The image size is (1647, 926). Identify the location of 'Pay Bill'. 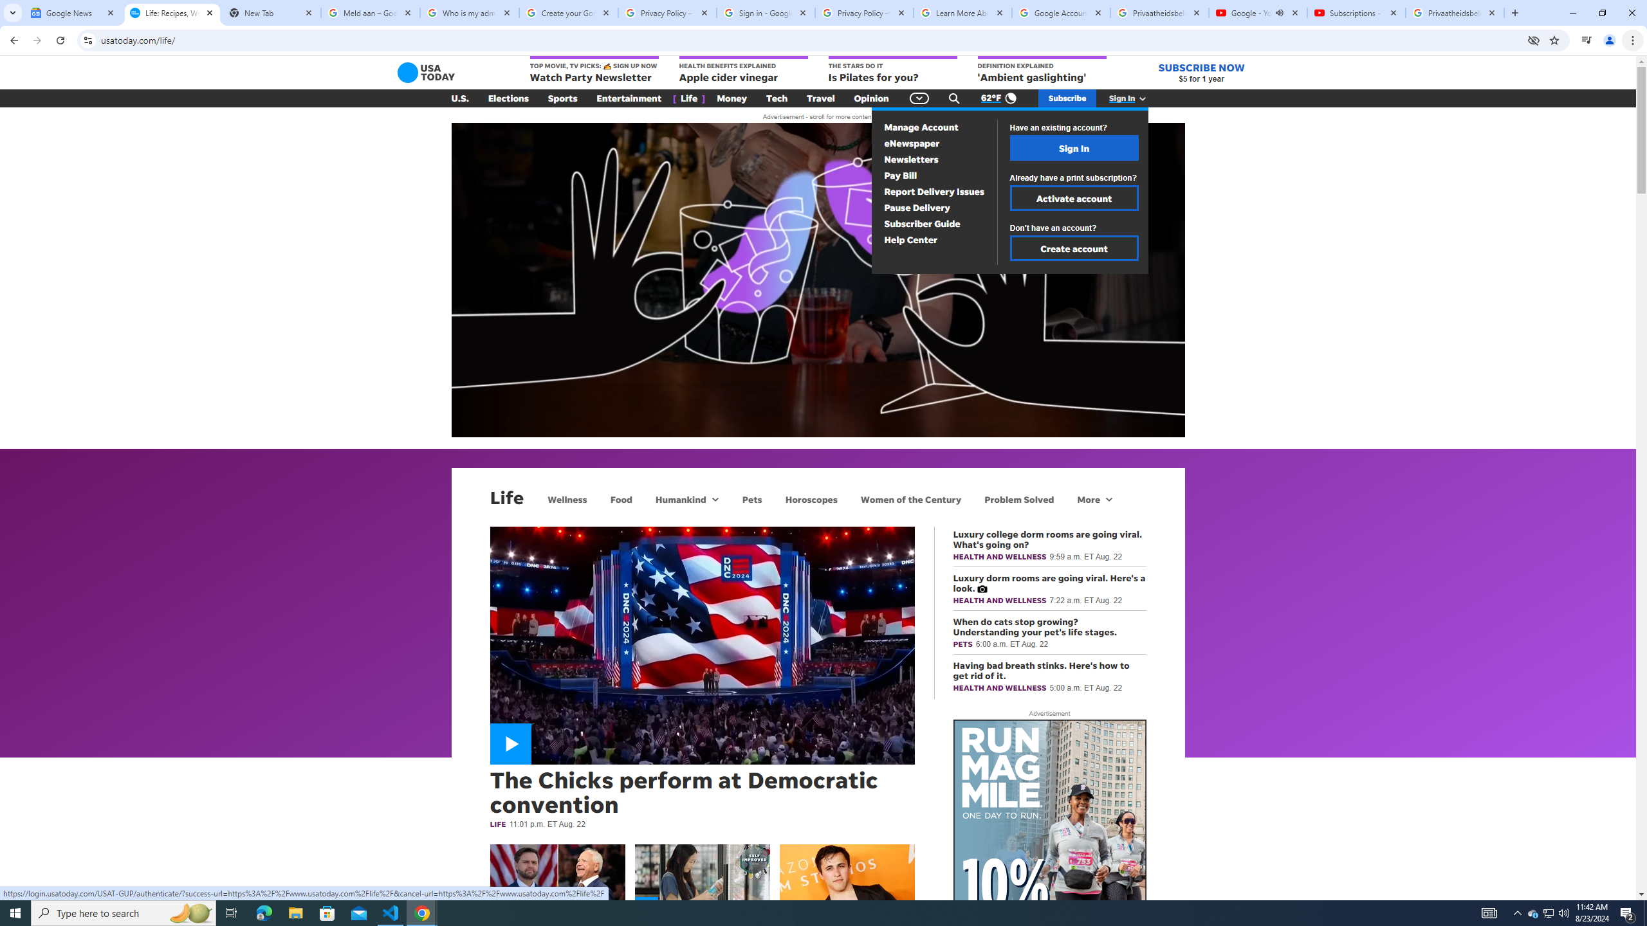
(900, 174).